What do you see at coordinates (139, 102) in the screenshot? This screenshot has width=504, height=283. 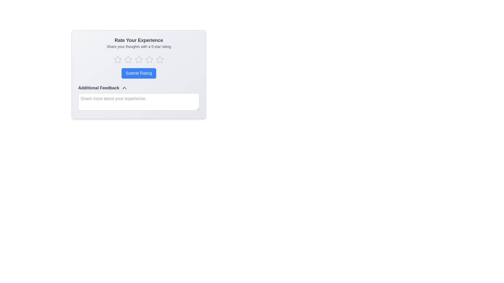 I see `the Multiline Text Input Field below the 'Additional Feedback' label to focus on it` at bounding box center [139, 102].